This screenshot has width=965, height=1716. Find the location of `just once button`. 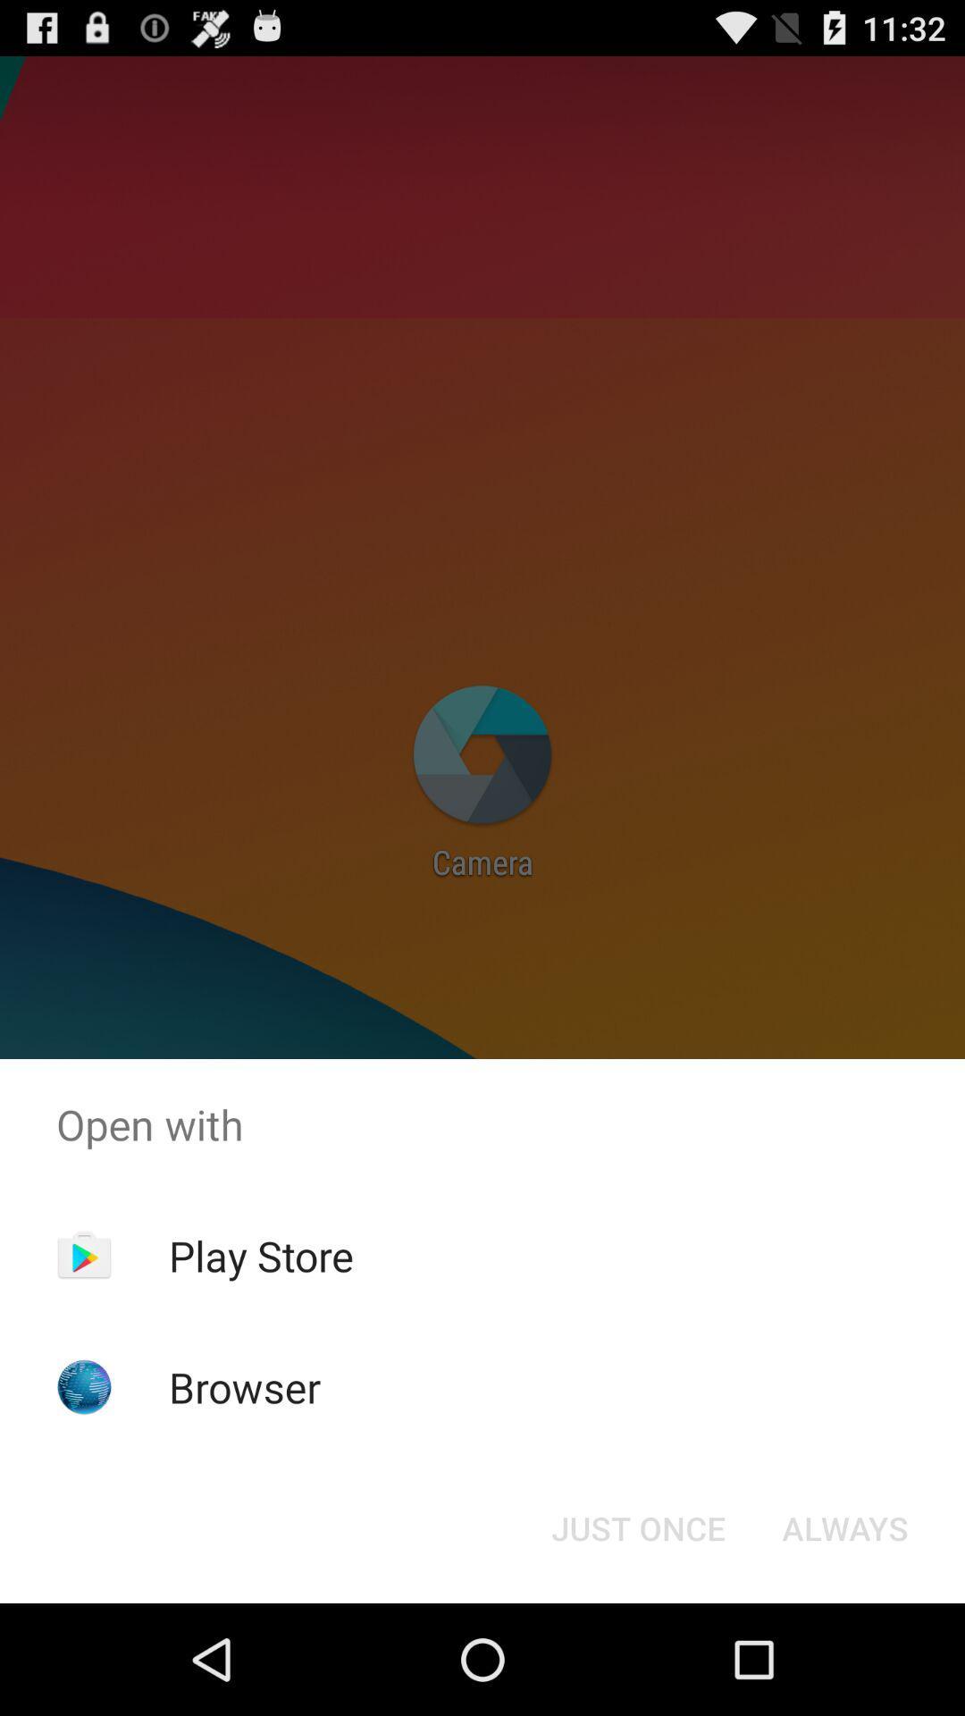

just once button is located at coordinates (637, 1527).